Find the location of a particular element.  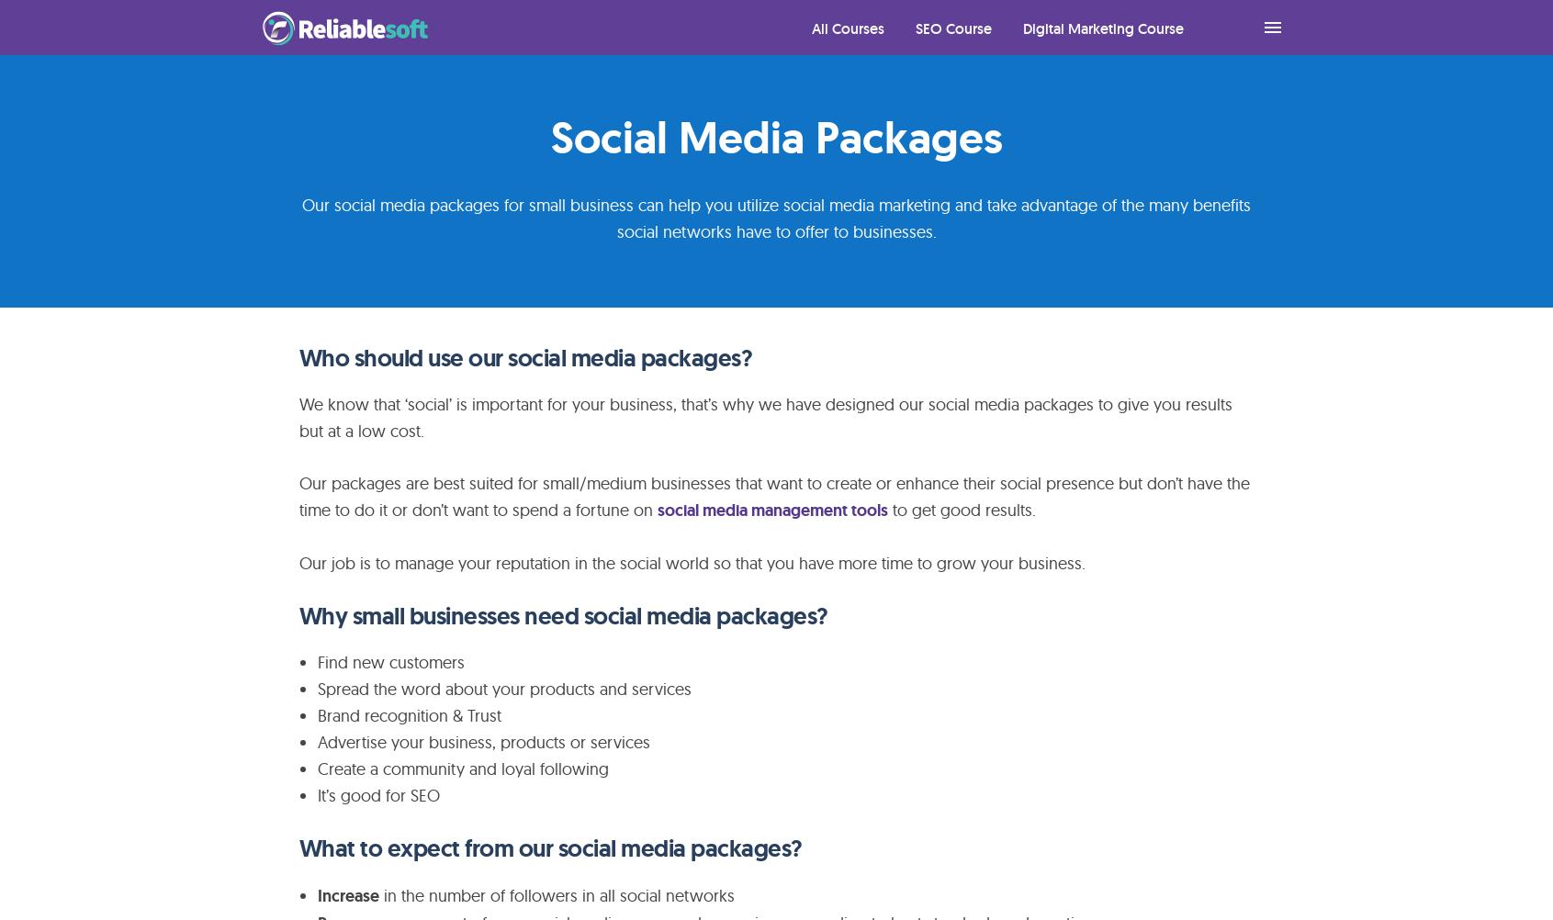

'Our packages are best suited for small/medium businesses that want to create or enhance their social presence but don’t have the time to do it or don’t want to spend a fortune on' is located at coordinates (772, 496).